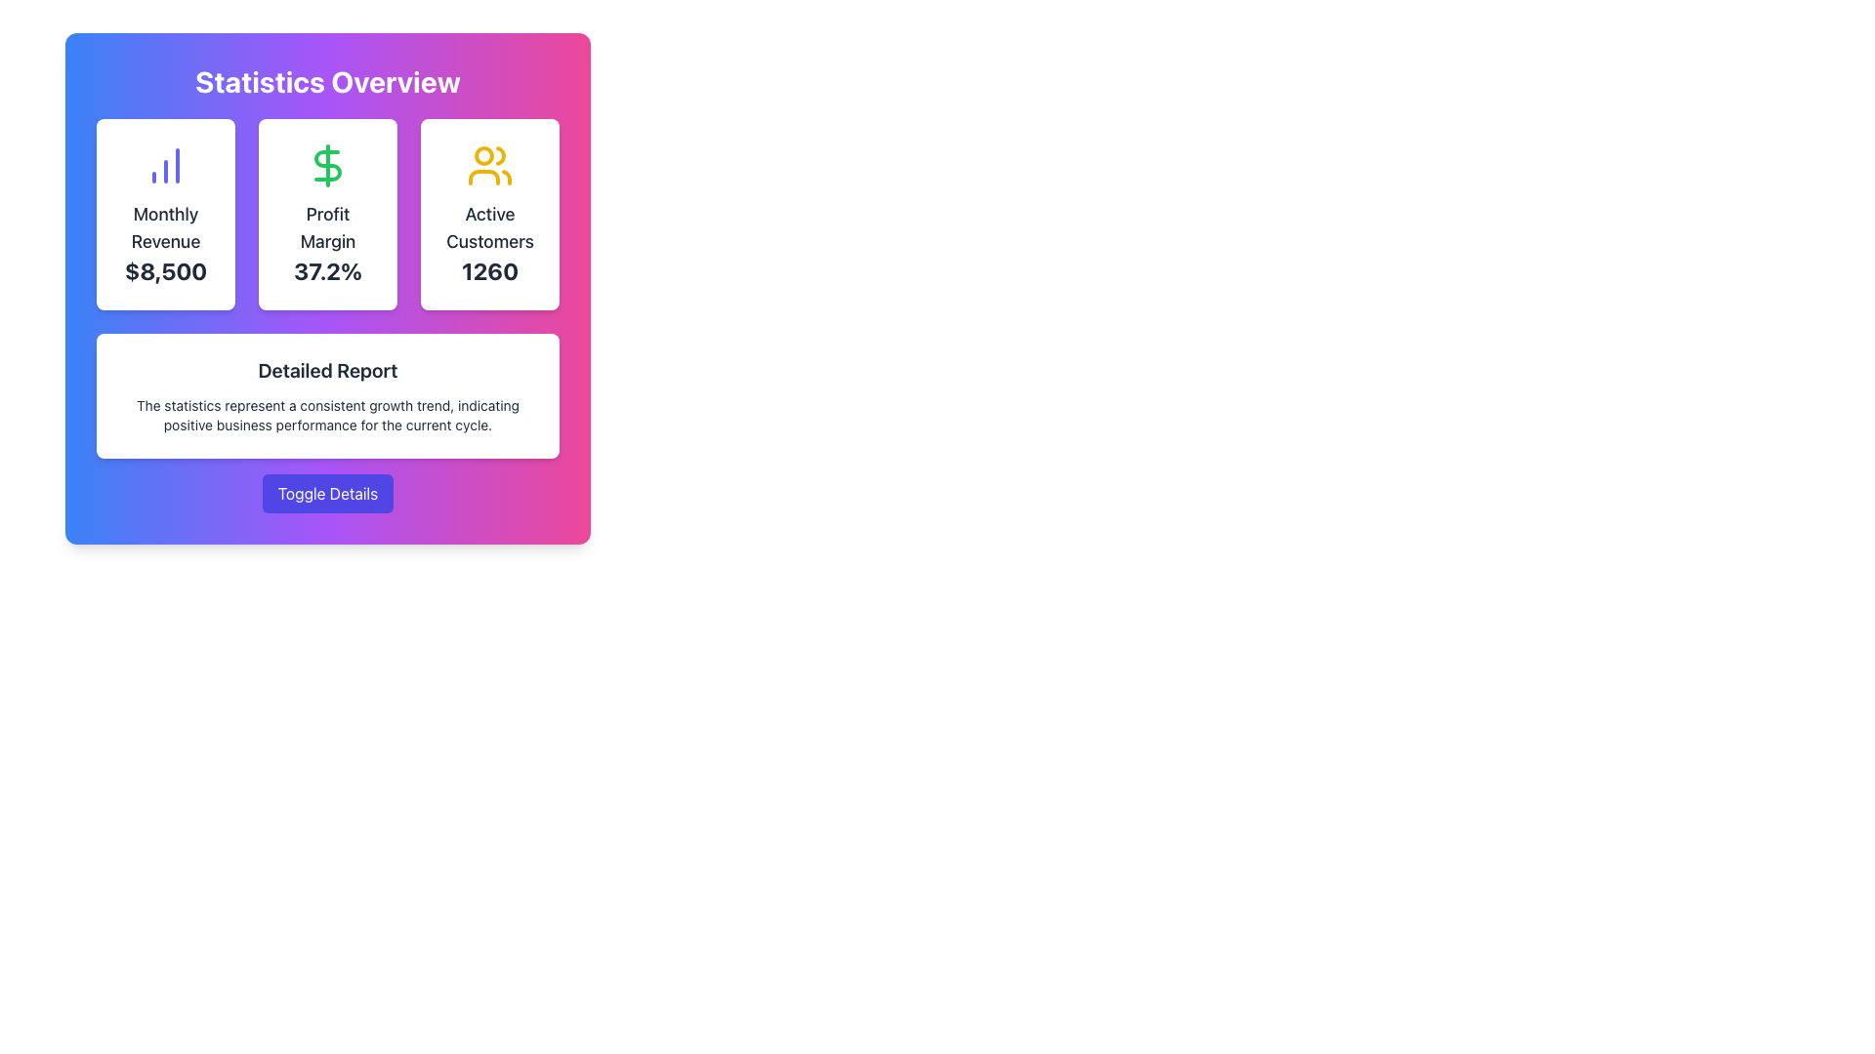 This screenshot has width=1875, height=1054. Describe the element at coordinates (328, 270) in the screenshot. I see `the text display showing the percentage '37.2%' in bold, large font, which is centered in the 'Profit Margin' card` at that location.